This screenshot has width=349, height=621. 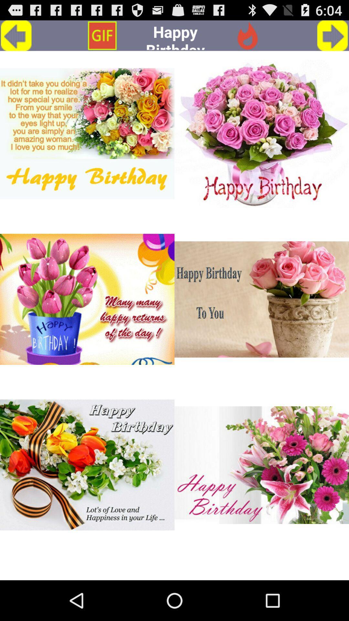 I want to click on the right arrow button at top right, so click(x=333, y=35).